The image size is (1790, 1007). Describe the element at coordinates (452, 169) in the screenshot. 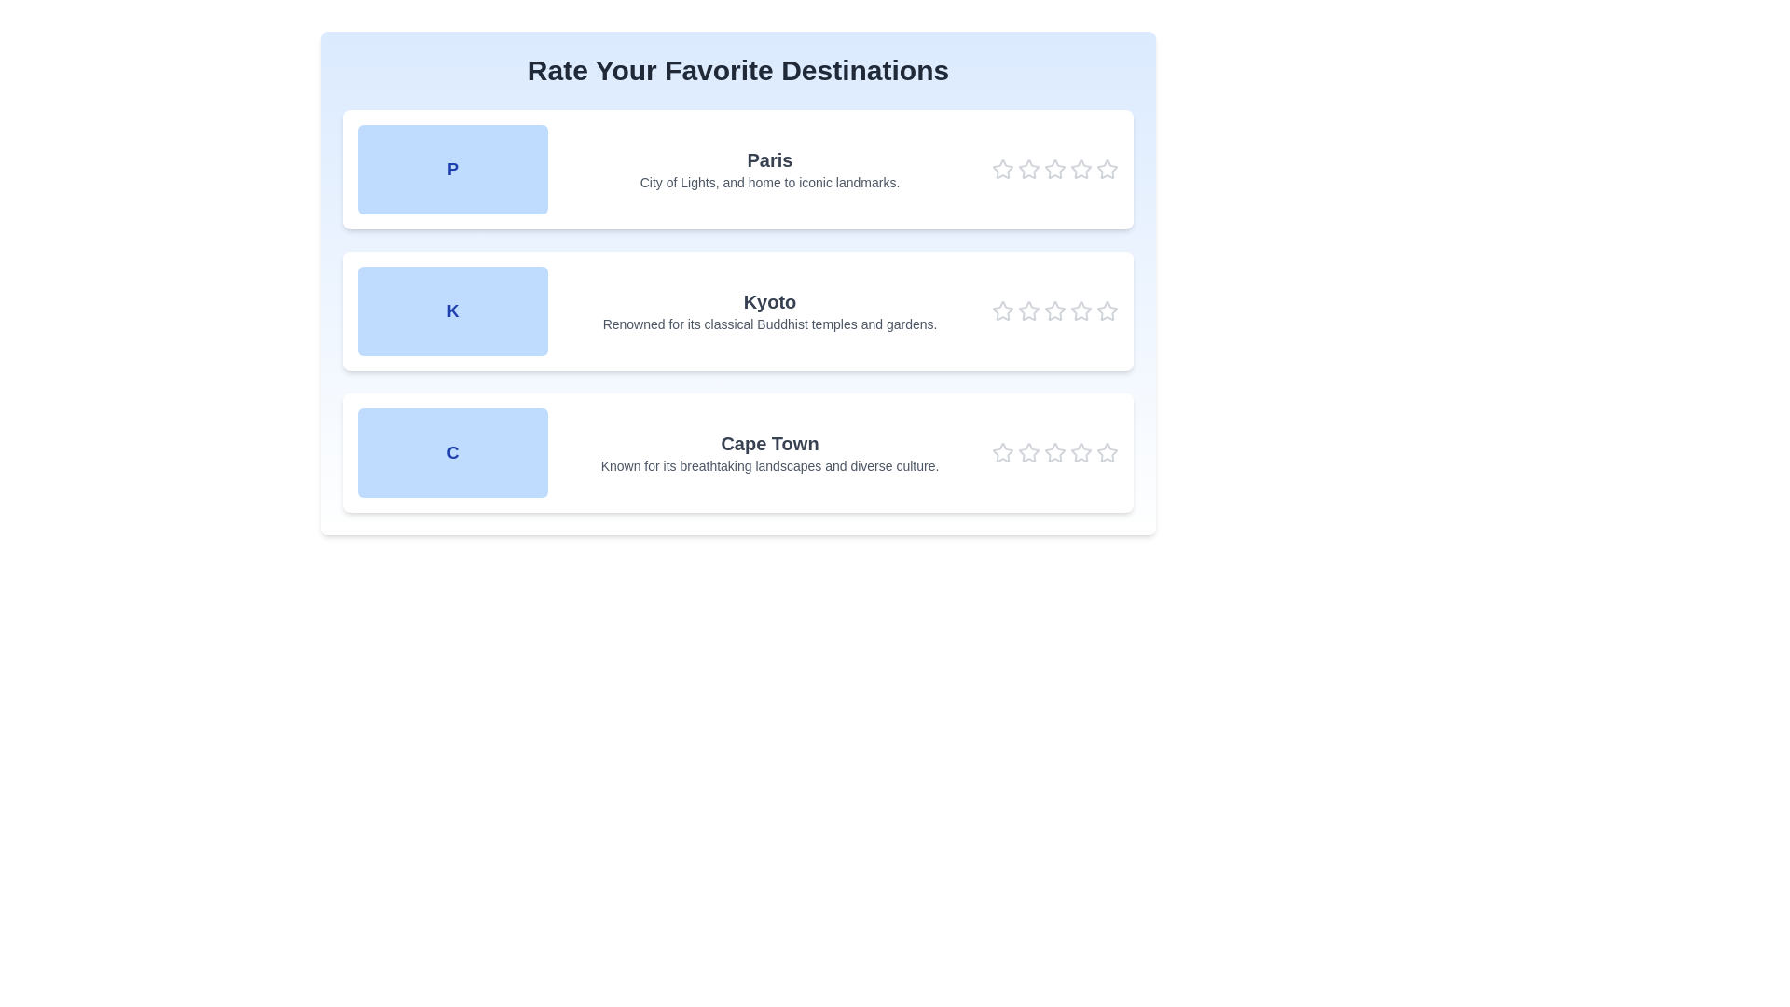

I see `the static visual element that symbolizes content related to 'Paris', located in the left section of the first row within the card layout` at that location.